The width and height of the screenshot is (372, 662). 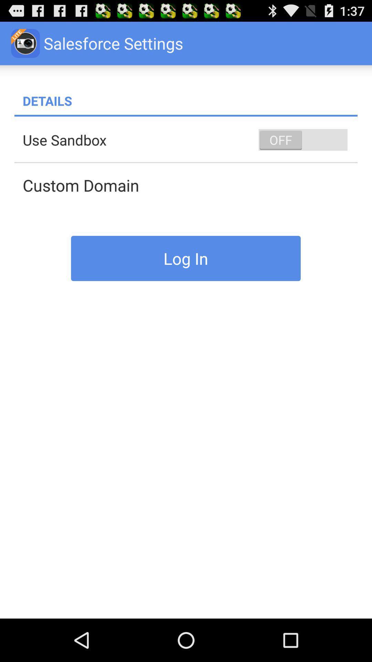 What do you see at coordinates (302, 139) in the screenshot?
I see `icon at the top right corner` at bounding box center [302, 139].